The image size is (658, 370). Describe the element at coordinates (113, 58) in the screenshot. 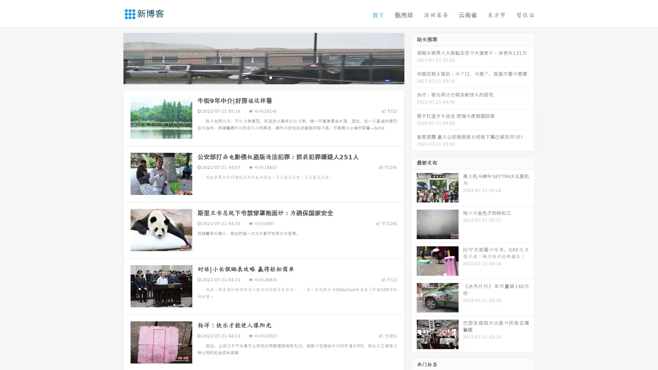

I see `Previous slide` at that location.